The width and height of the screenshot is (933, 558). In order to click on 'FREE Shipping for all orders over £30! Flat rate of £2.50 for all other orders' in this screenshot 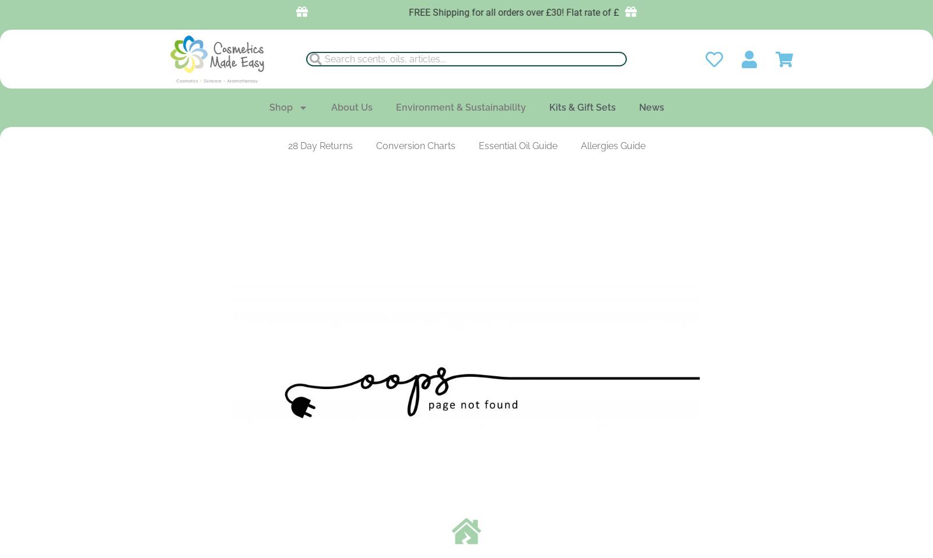, I will do `click(547, 12)`.